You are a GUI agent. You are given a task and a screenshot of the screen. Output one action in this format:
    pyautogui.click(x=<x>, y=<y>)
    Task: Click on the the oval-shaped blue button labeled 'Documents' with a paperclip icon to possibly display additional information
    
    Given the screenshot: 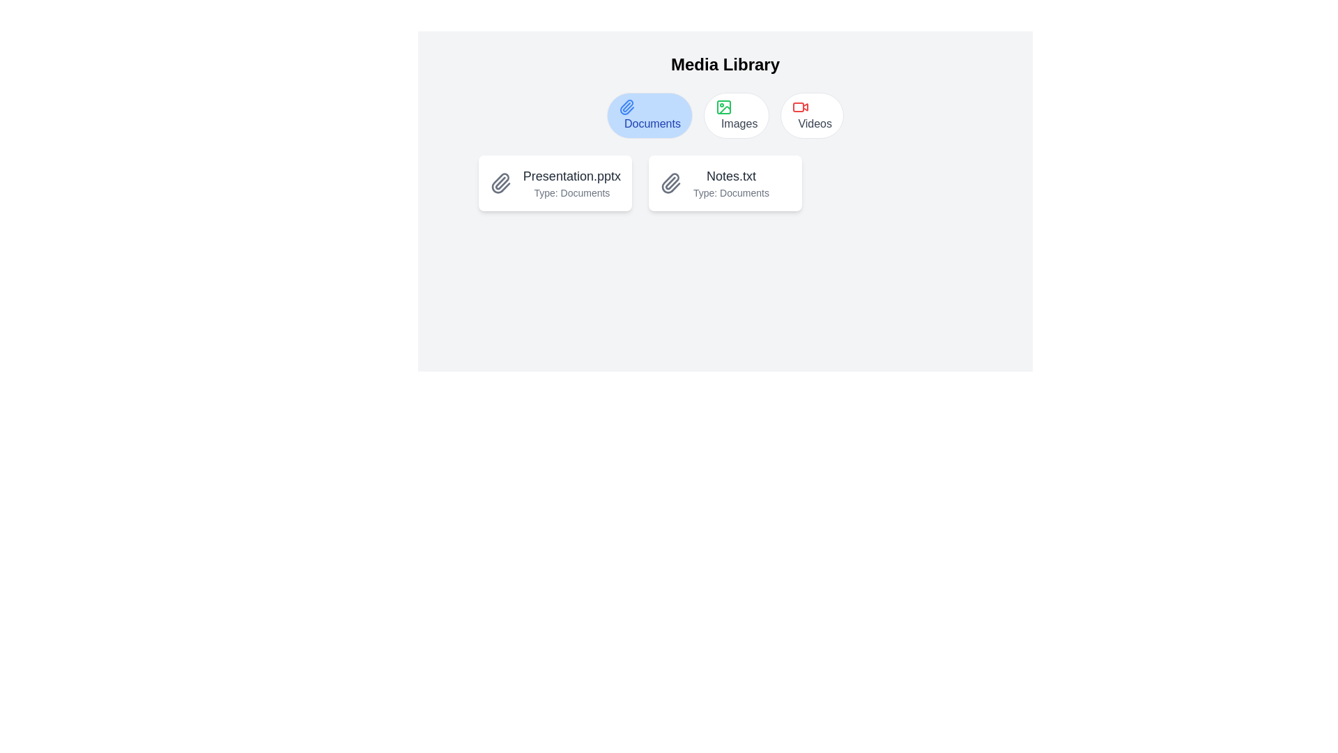 What is the action you would take?
    pyautogui.click(x=649, y=114)
    